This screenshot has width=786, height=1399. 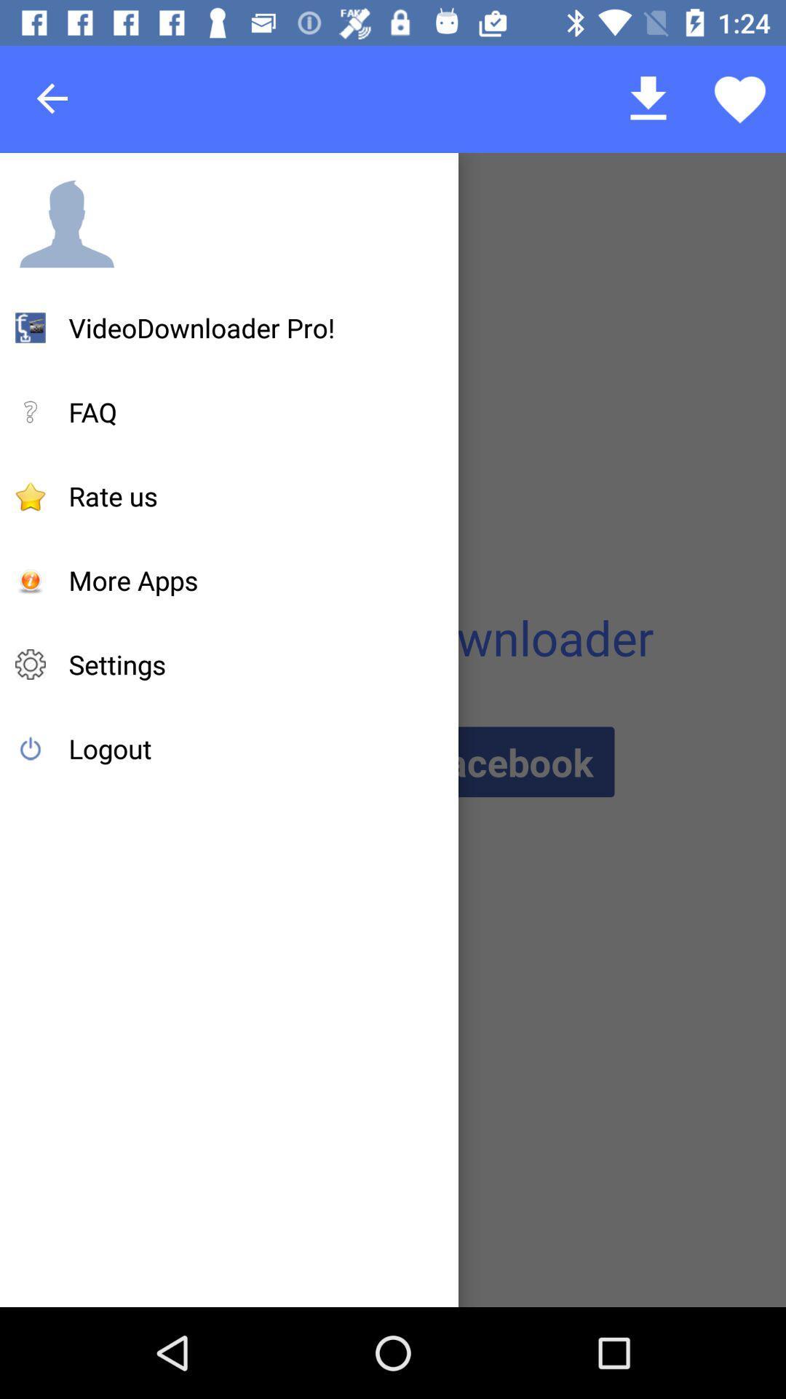 I want to click on videodownloader pro!, so click(x=202, y=327).